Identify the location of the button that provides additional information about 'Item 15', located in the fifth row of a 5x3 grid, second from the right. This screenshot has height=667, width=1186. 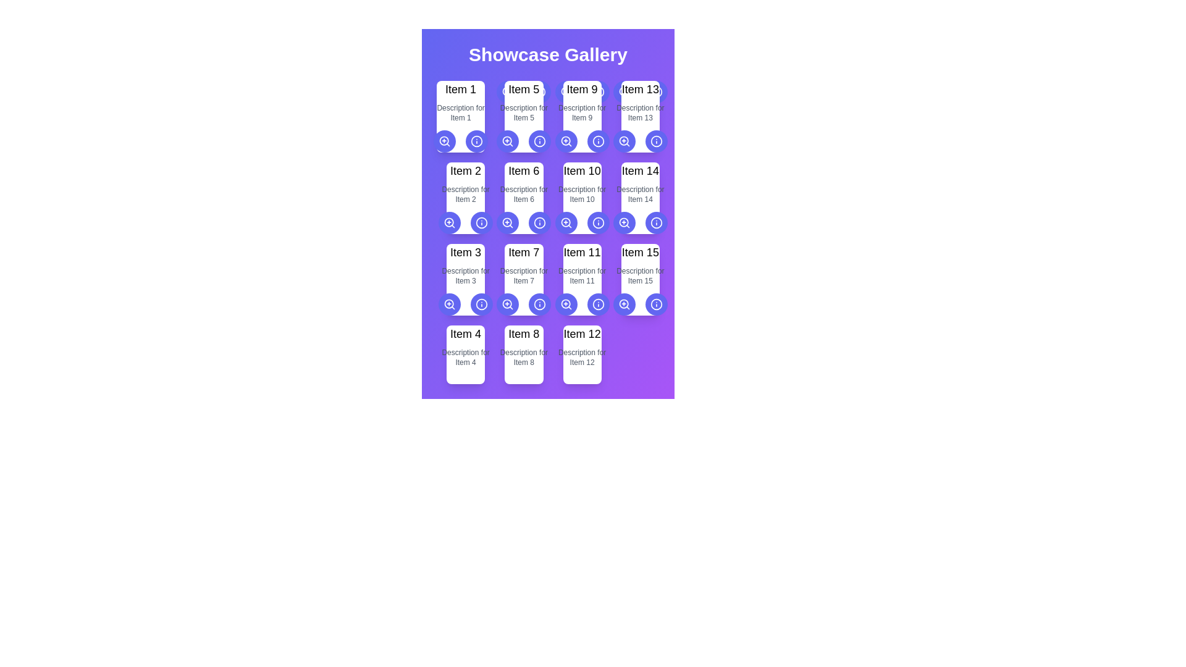
(655, 304).